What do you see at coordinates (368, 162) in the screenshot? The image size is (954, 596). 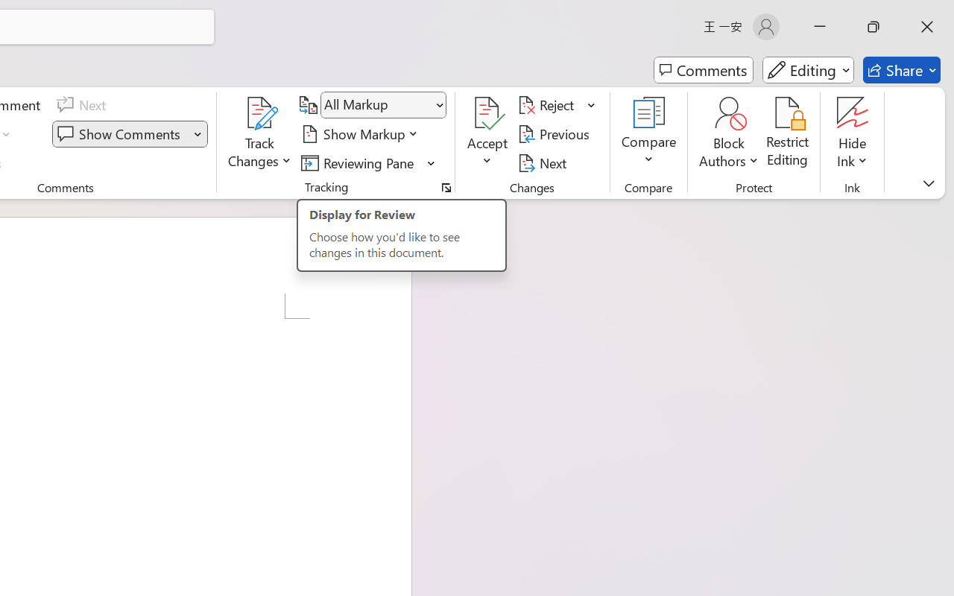 I see `'Reviewing Pane'` at bounding box center [368, 162].